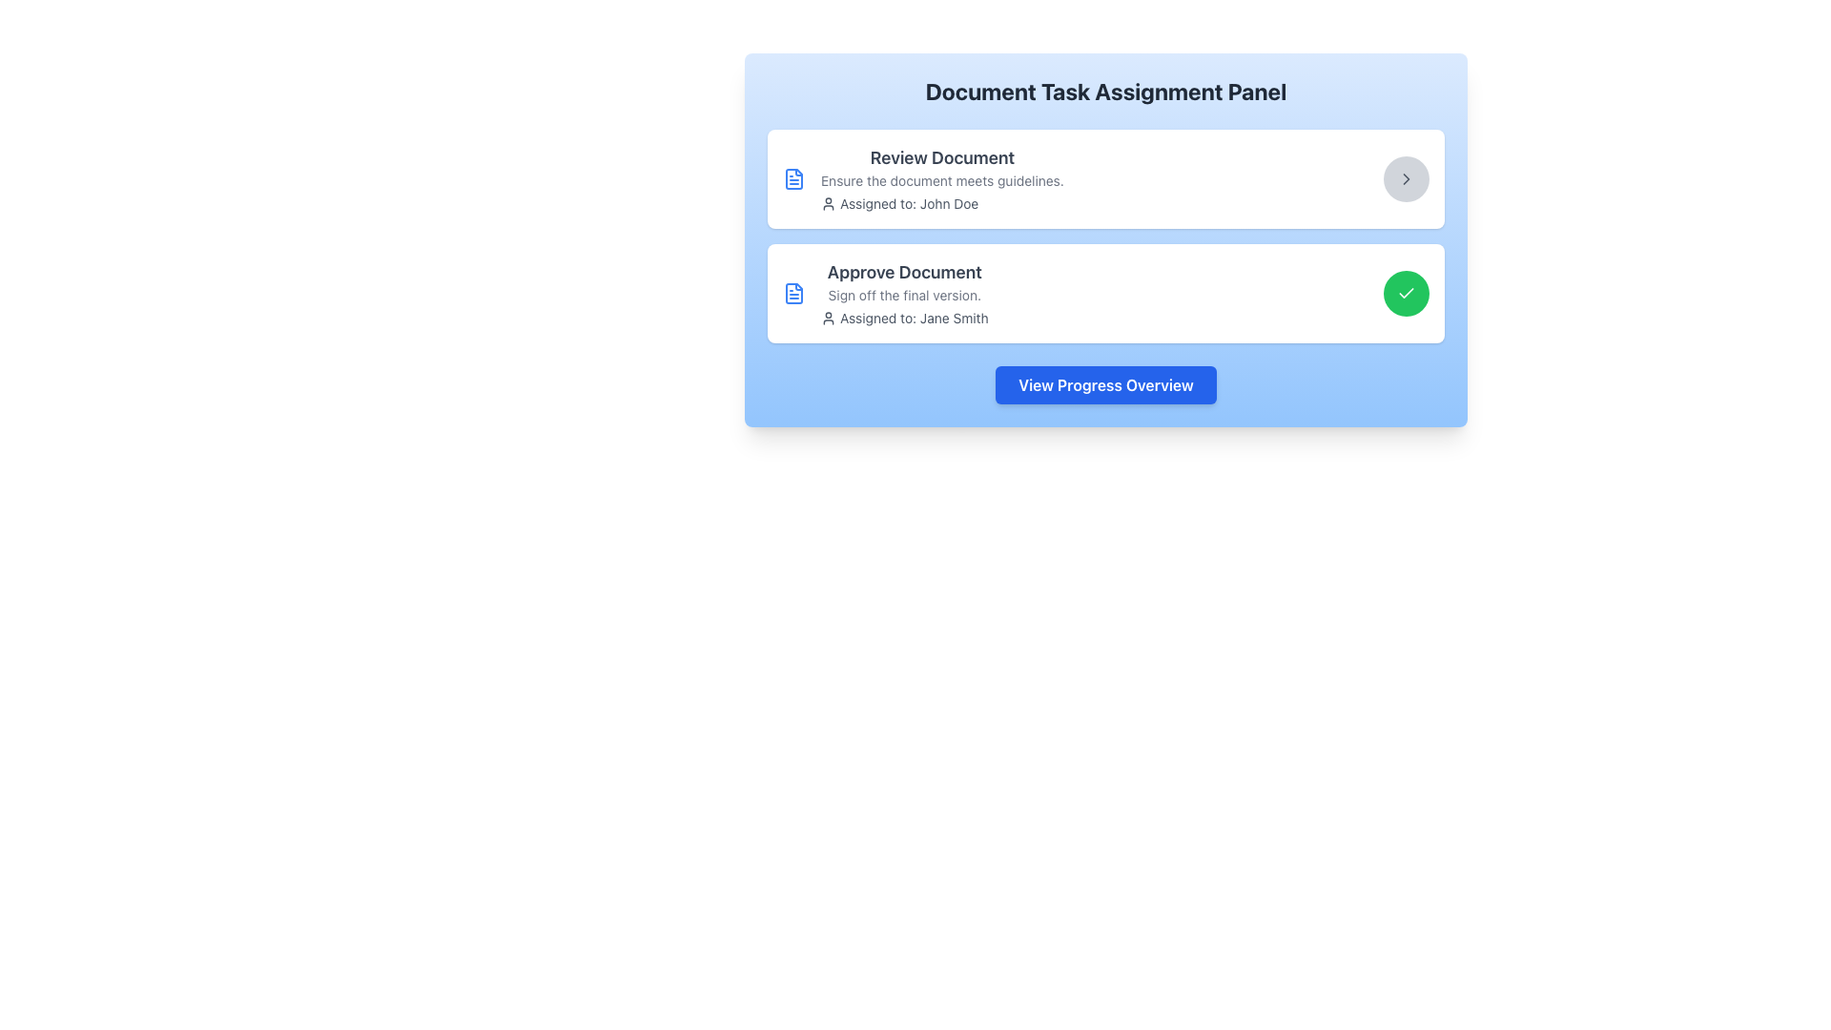 The image size is (1831, 1030). Describe the element at coordinates (1406, 293) in the screenshot. I see `the checkmark icon within the green circular background on the right side of the 'Approve Document' task card` at that location.